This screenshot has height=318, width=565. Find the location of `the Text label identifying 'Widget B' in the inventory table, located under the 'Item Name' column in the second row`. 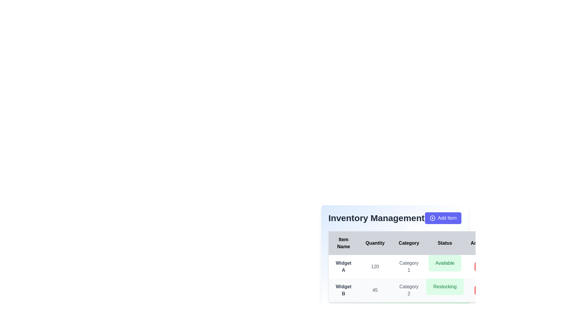

the Text label identifying 'Widget B' in the inventory table, located under the 'Item Name' column in the second row is located at coordinates (343, 290).